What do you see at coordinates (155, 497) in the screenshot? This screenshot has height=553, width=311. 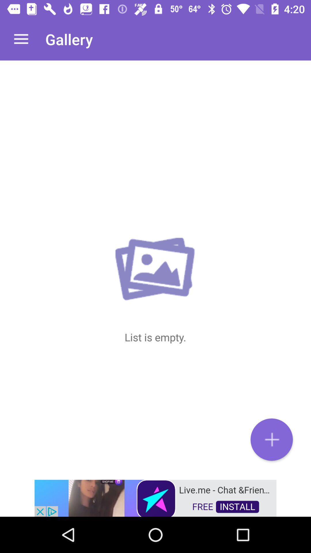 I see `advertisement banner` at bounding box center [155, 497].